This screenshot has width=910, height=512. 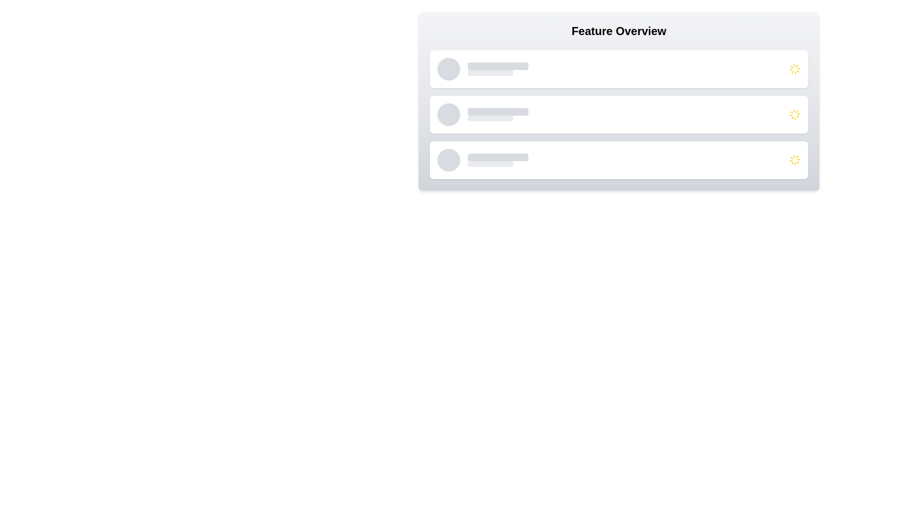 What do you see at coordinates (794, 160) in the screenshot?
I see `the animation of the yellow circular icon located at the far right of the third row in a vertical list of three rows` at bounding box center [794, 160].